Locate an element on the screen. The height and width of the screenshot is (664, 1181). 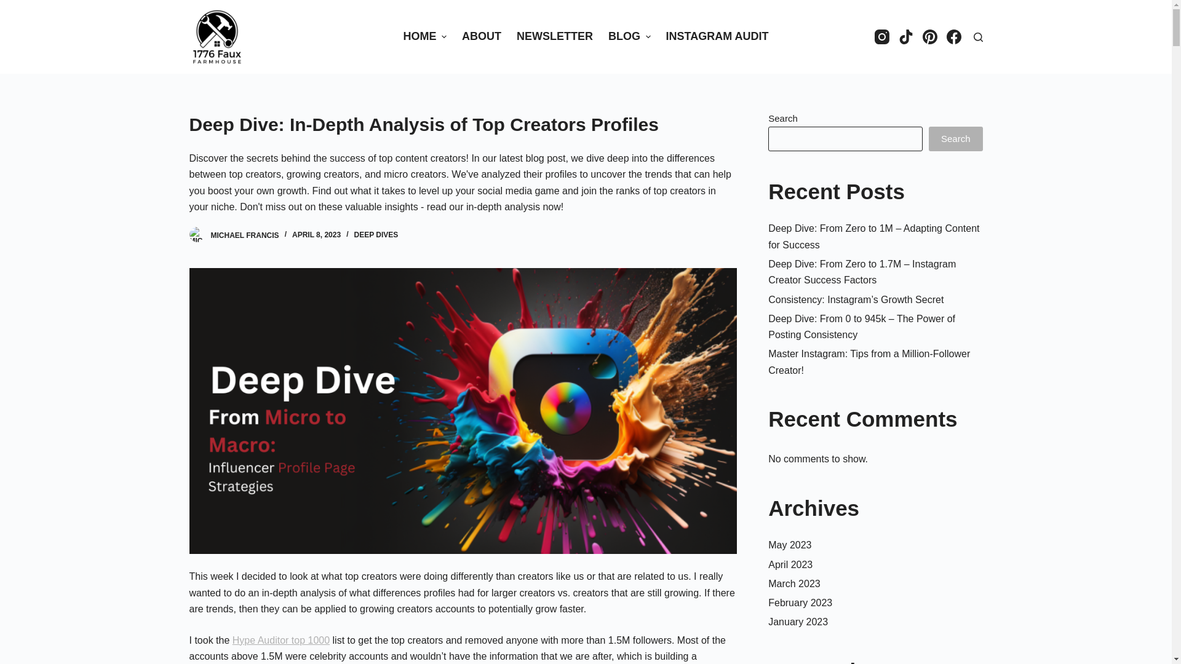
'Hype Auditor top 1000' is located at coordinates (280, 639).